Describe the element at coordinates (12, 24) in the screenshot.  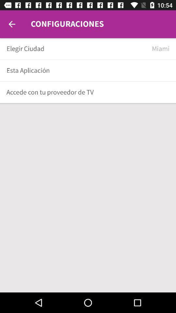
I see `the item next to the configuraciones item` at that location.